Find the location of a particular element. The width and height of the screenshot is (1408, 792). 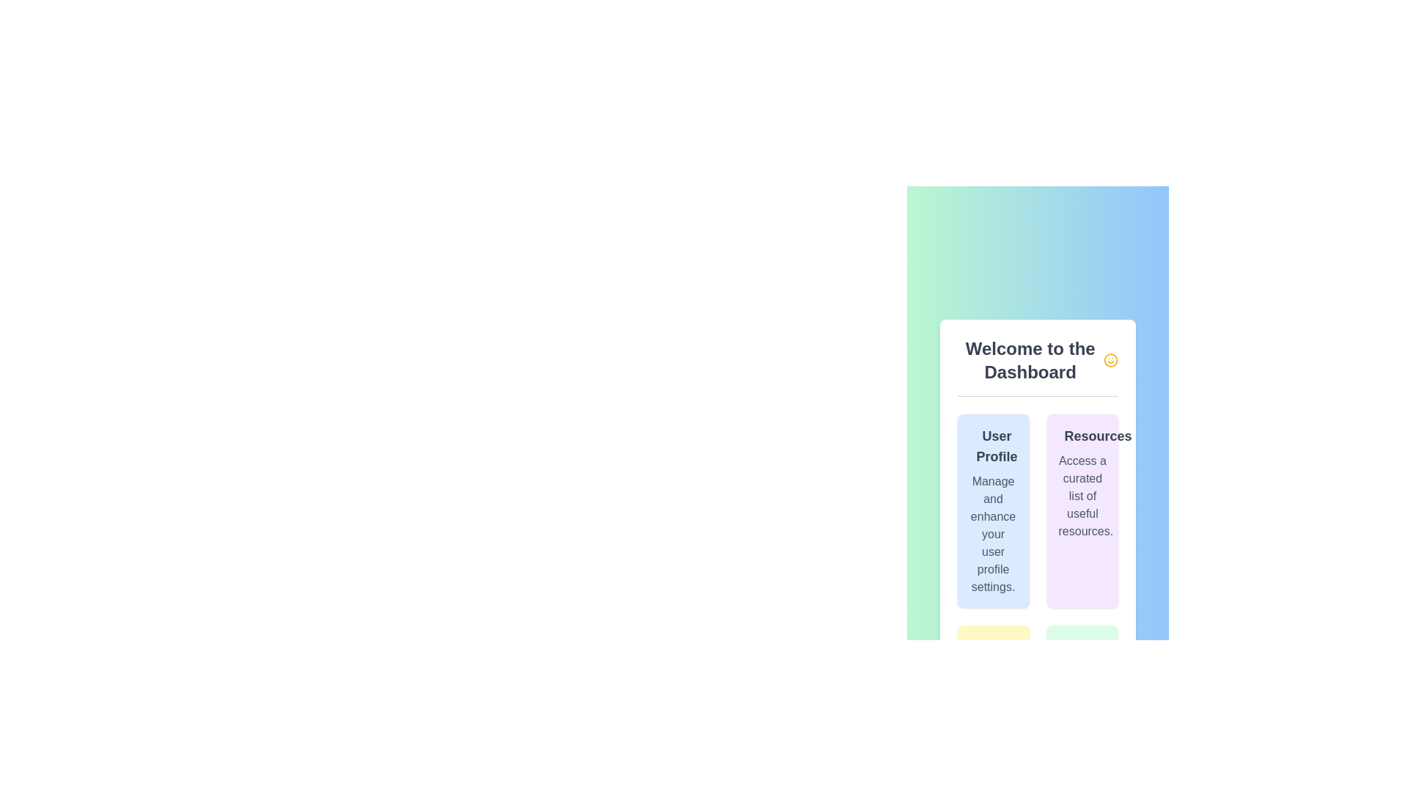

the descriptive text about the resources section, which is located beneath the 'Resources' header in a light purple rounded box on the right side of the three-panel layout is located at coordinates (1082, 495).